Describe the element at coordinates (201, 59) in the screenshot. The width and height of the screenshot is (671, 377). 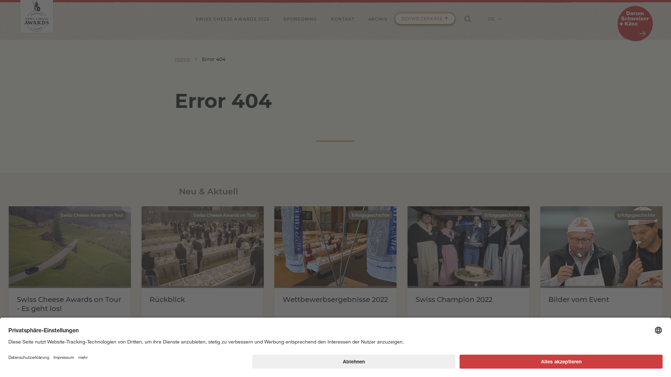
I see `'Error 404'` at that location.